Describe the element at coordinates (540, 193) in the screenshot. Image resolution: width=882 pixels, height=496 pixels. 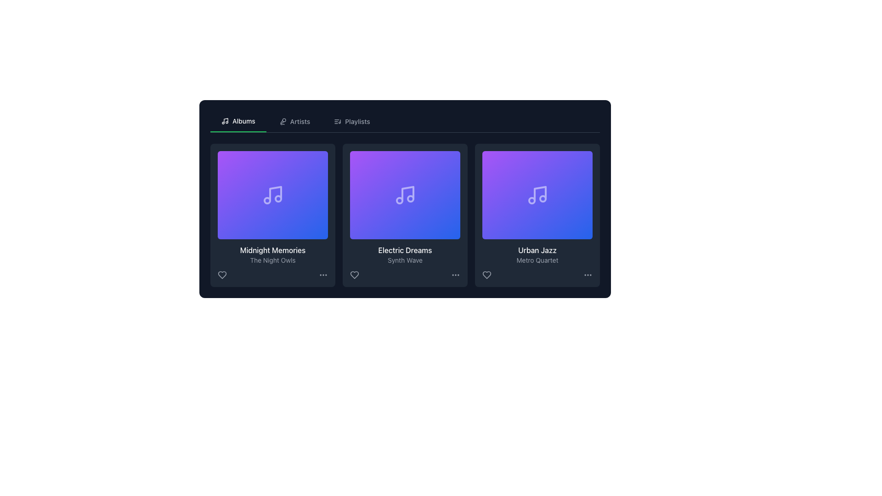
I see `the vector graphic line representing the neck of the music note in the 'Urban Jazz' album cover design` at that location.